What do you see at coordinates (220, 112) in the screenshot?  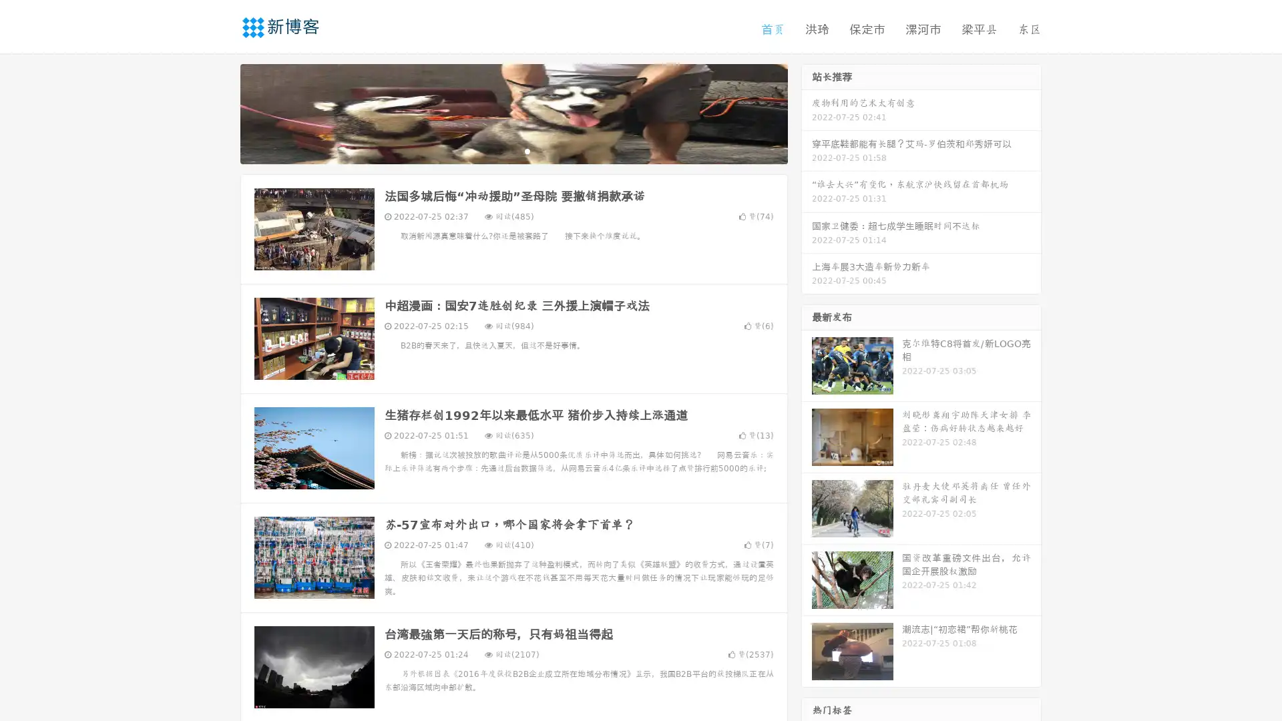 I see `Previous slide` at bounding box center [220, 112].